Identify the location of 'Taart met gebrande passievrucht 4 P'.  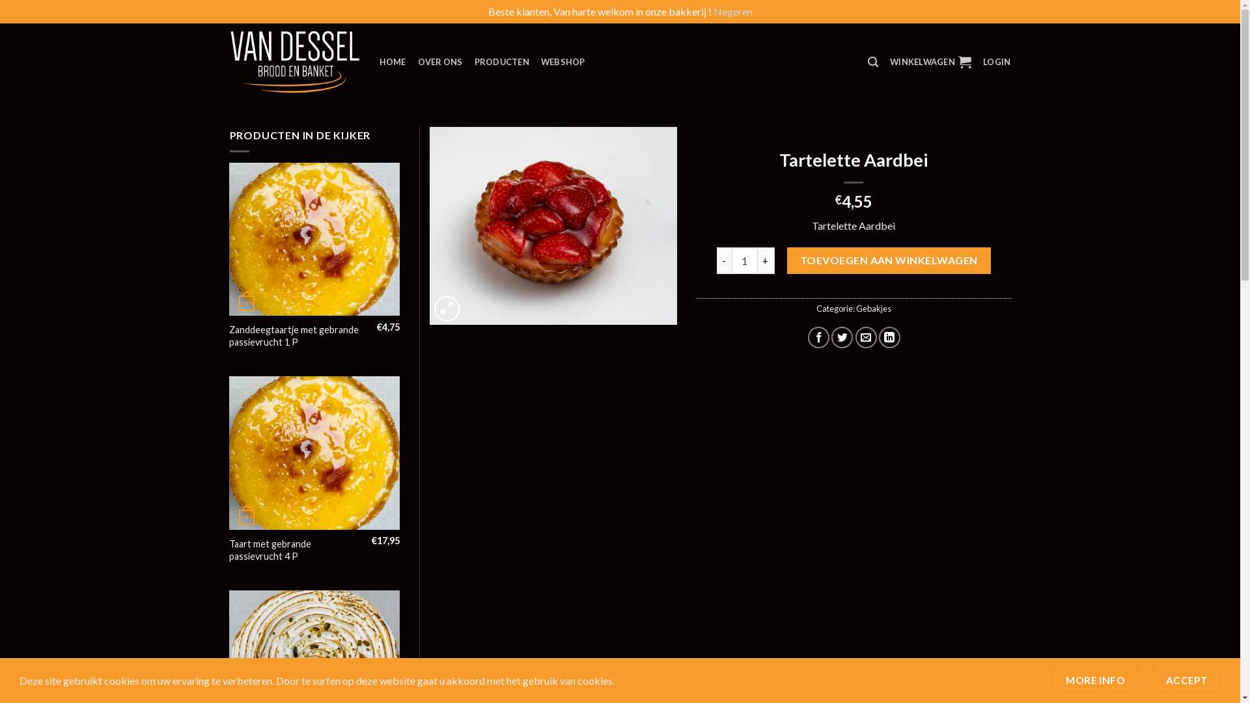
(229, 550).